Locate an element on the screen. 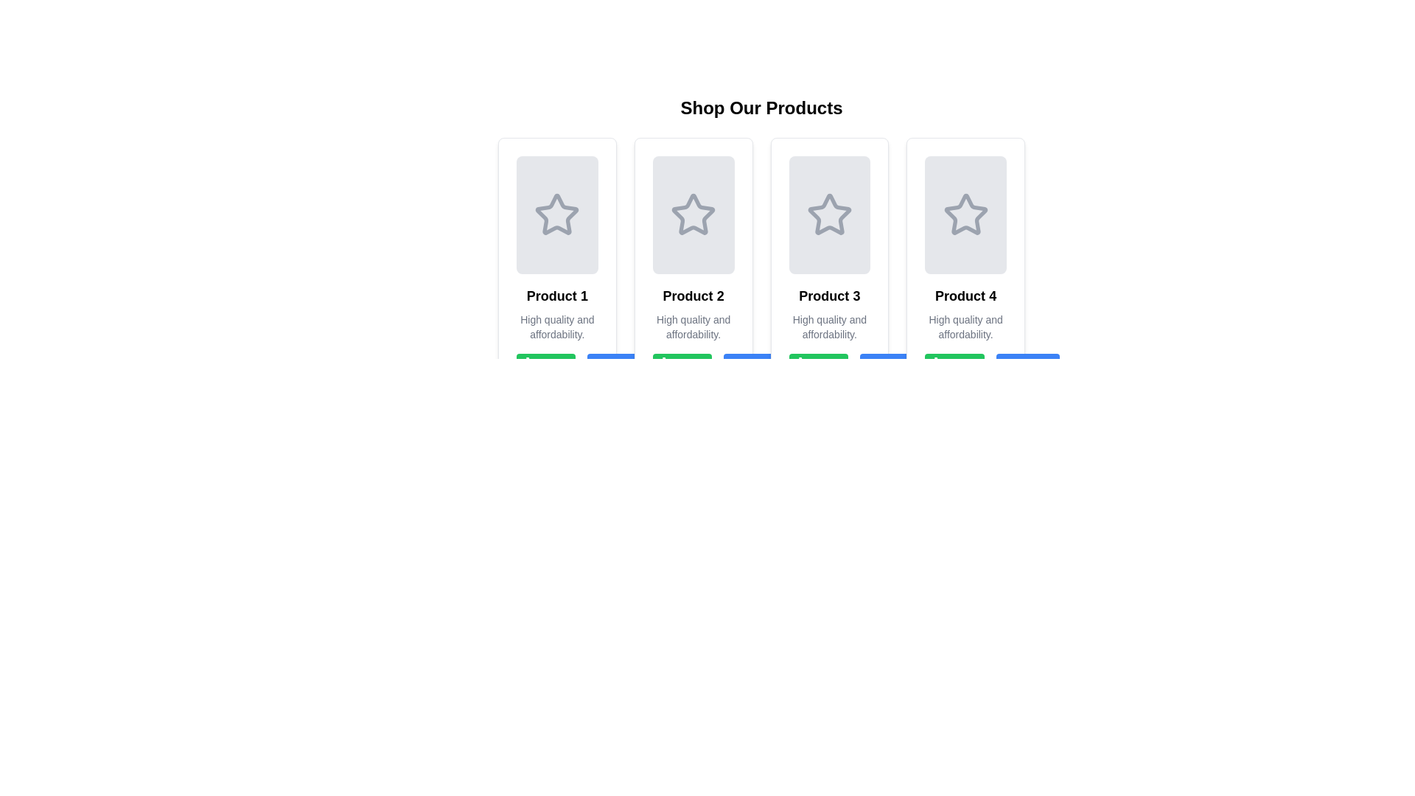 The image size is (1415, 796). the shopping cart icon located within the green rounded button labeled 'Add' is located at coordinates (942, 365).